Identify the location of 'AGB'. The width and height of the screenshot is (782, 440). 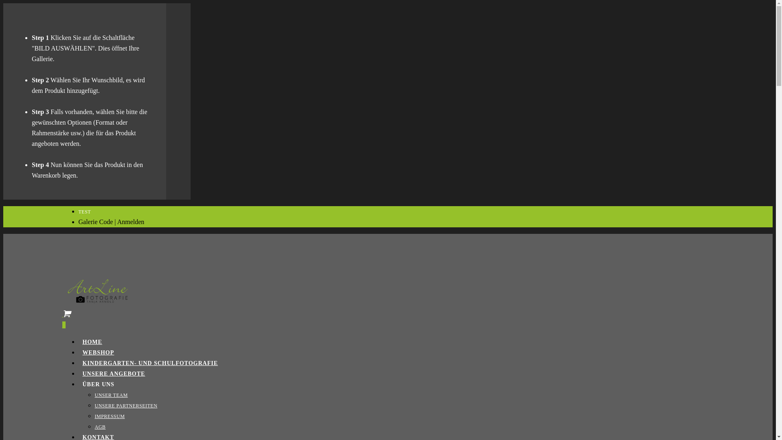
(99, 427).